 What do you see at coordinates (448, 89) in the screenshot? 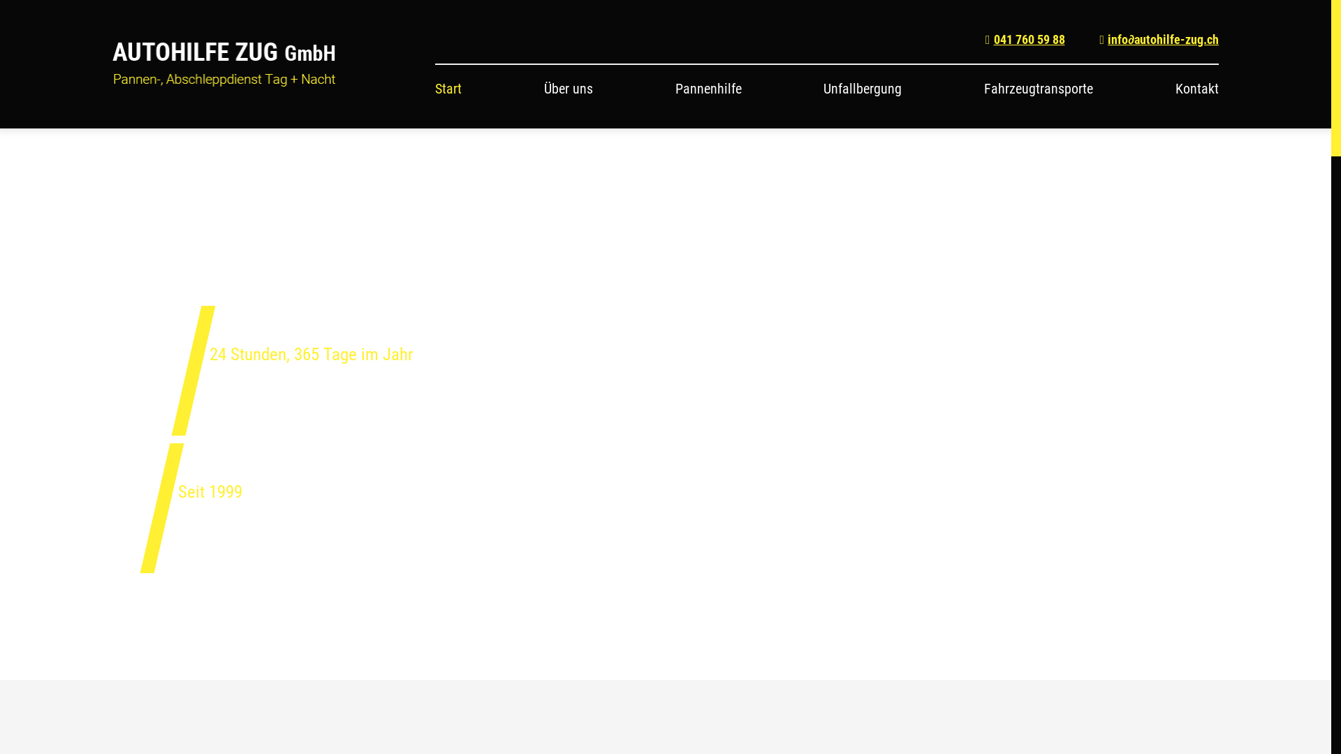
I see `'Start'` at bounding box center [448, 89].